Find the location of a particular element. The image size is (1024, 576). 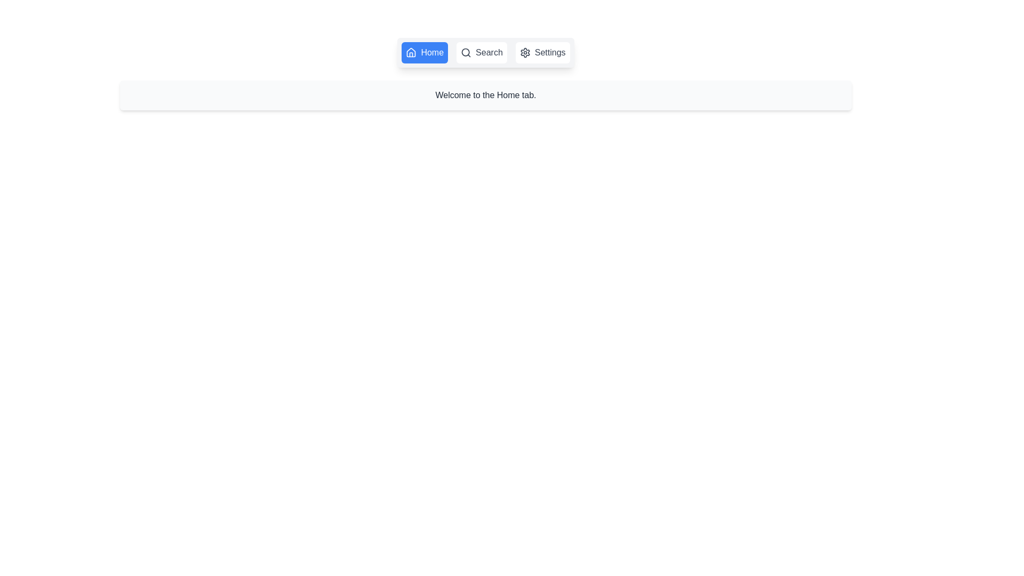

the informational text display component located below the navigation bar in the 'Home' section, which provides contextual information to users is located at coordinates (485, 94).